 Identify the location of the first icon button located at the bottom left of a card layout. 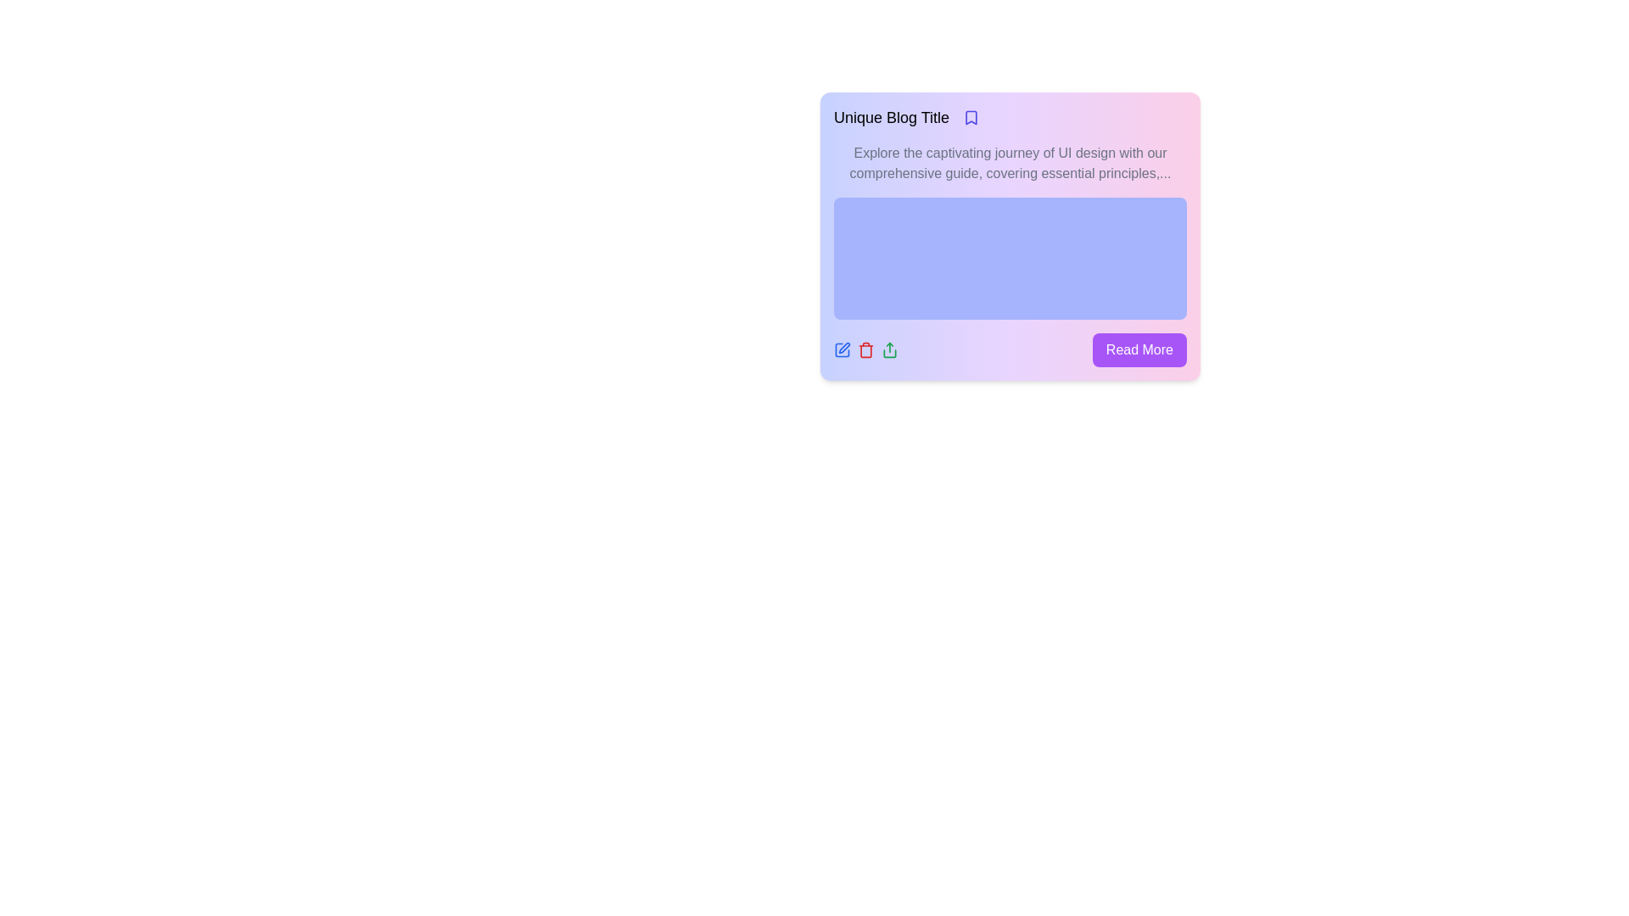
(842, 349).